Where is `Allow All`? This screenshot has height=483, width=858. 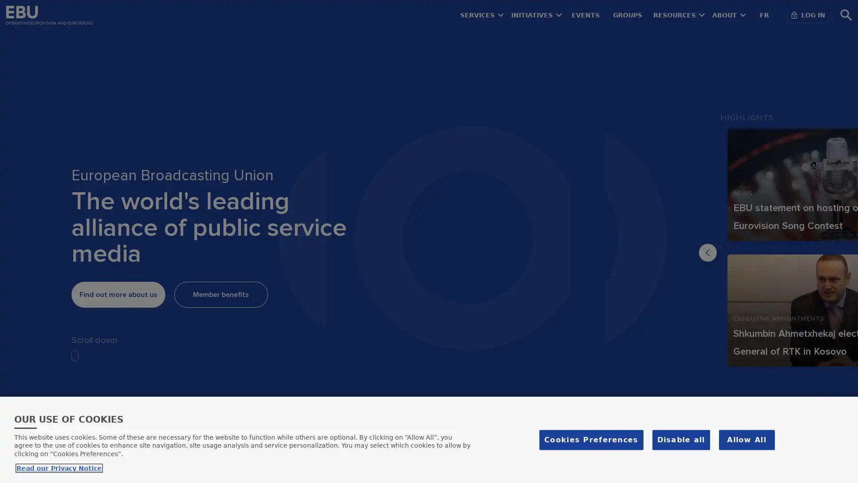
Allow All is located at coordinates (746, 439).